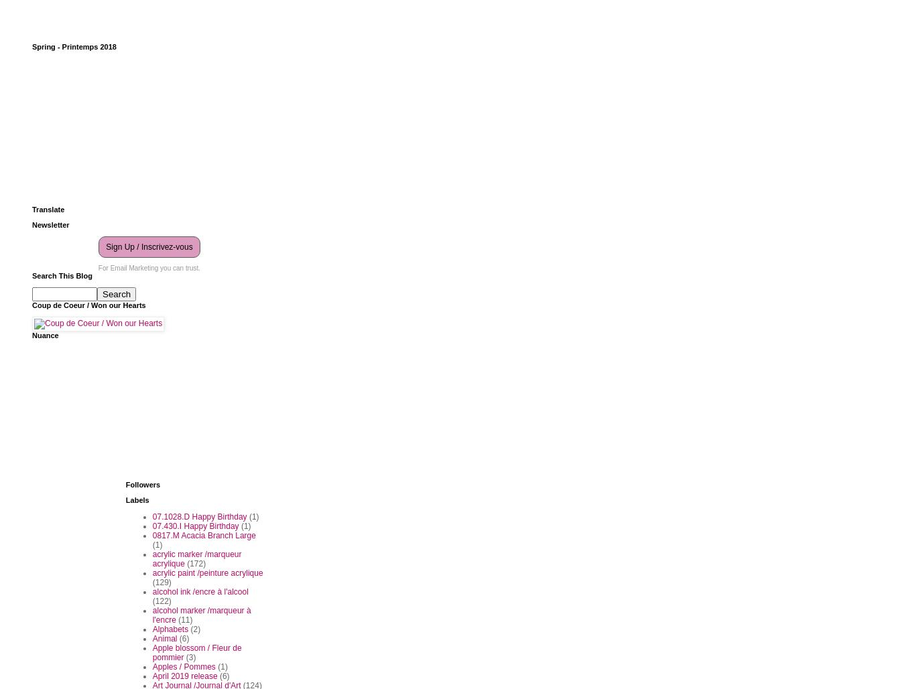 This screenshot has width=910, height=689. I want to click on 'Coup de Coeur / Won our Hearts', so click(88, 305).